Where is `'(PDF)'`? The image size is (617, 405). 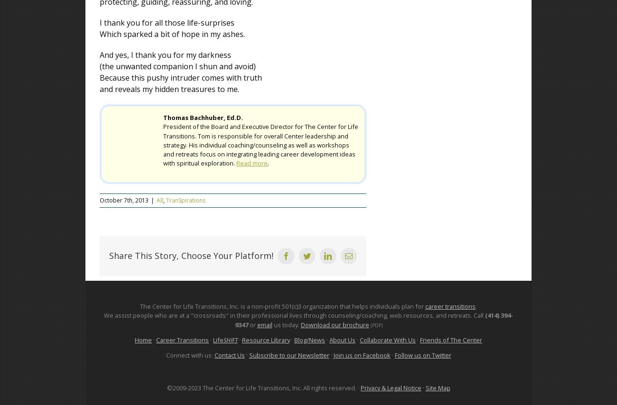
'(PDF)' is located at coordinates (375, 324).